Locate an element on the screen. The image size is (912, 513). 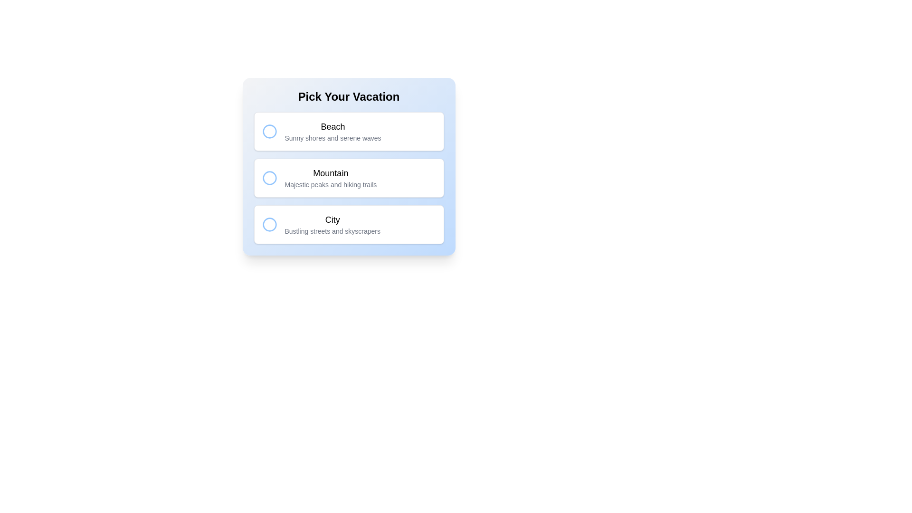
the text block that serves as a descriptive label for a selectable option, which includes both a title and a subtitle, located in the upper section of a vertically stacked list of options is located at coordinates (332, 132).